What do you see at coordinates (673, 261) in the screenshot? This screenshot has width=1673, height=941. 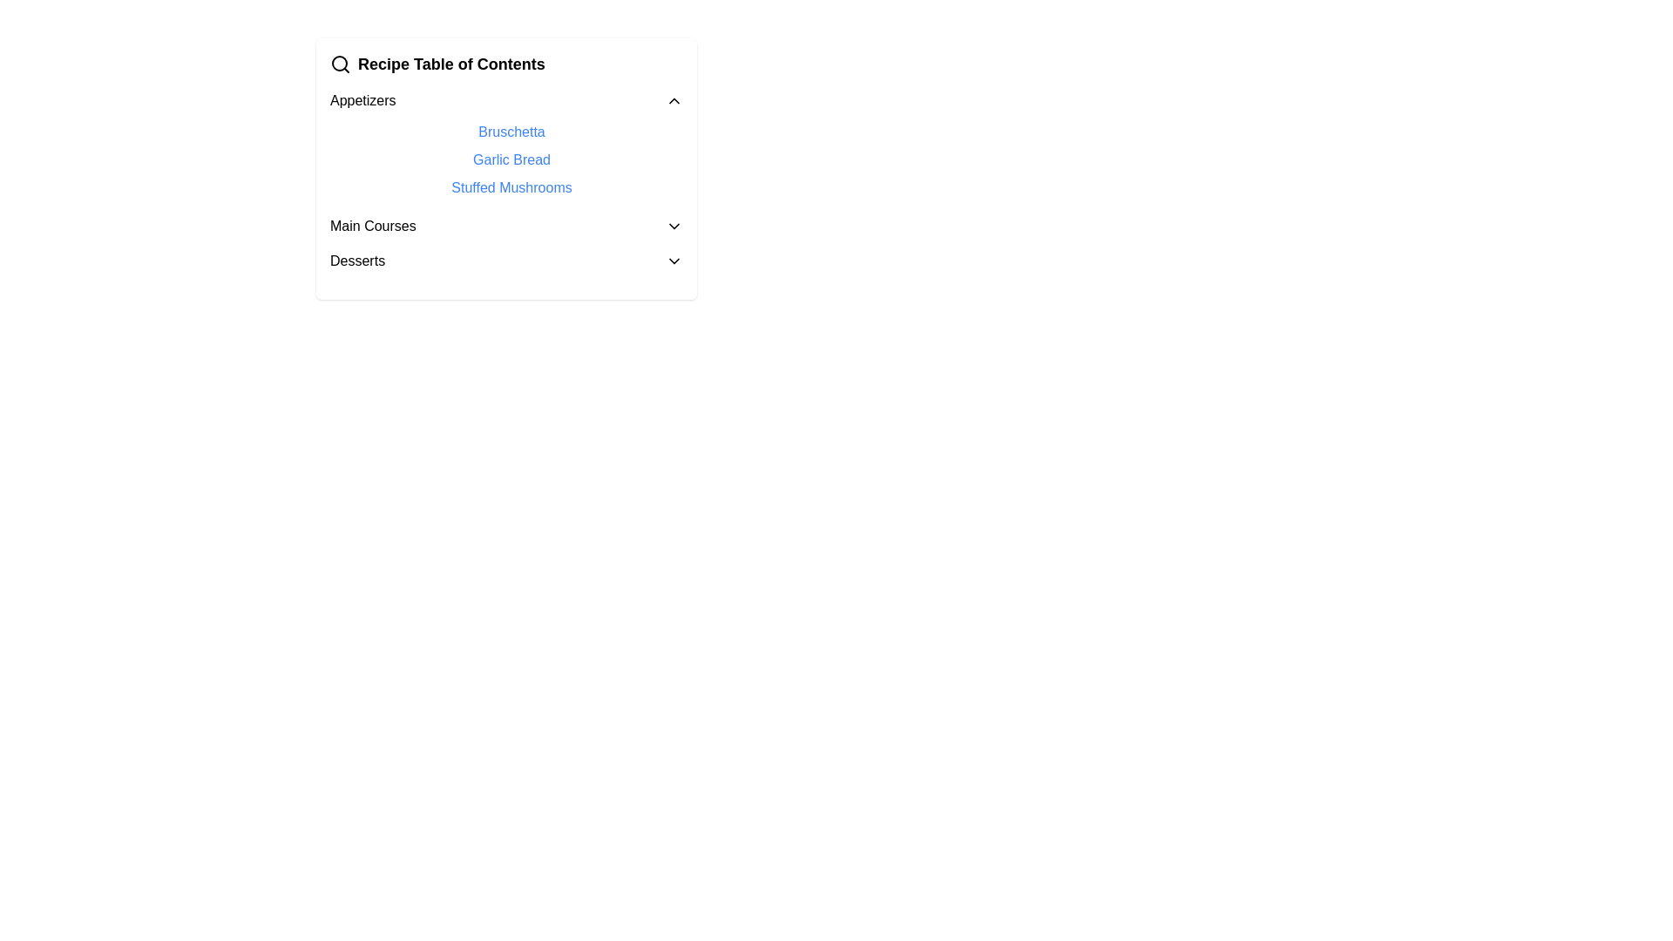 I see `the small black arrow-shaped icon resembling a downward chevron located to the right of the text 'Desserts'` at bounding box center [673, 261].